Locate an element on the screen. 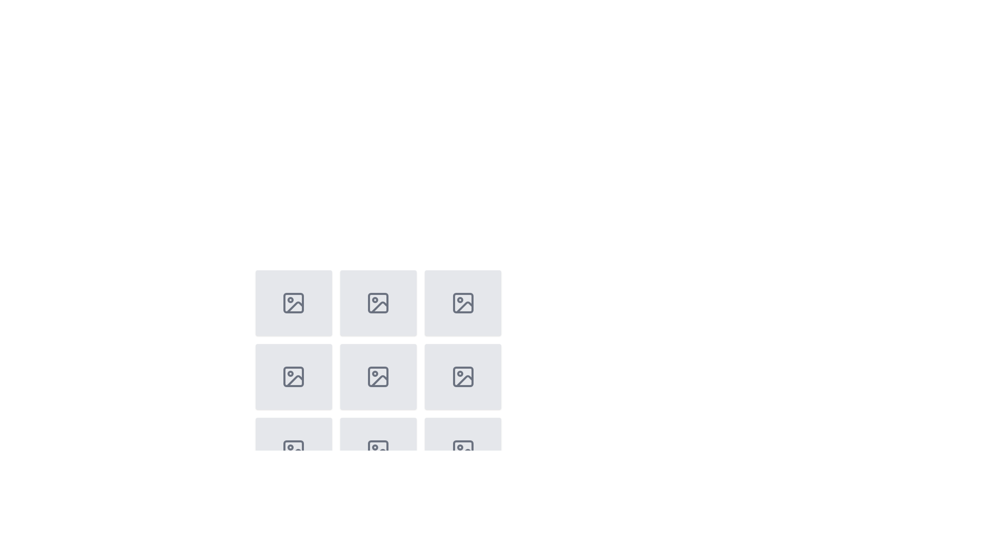  the image placeholder icon located in the second row and second column of the grid arrangement in the middle area of the interface is located at coordinates (378, 302).